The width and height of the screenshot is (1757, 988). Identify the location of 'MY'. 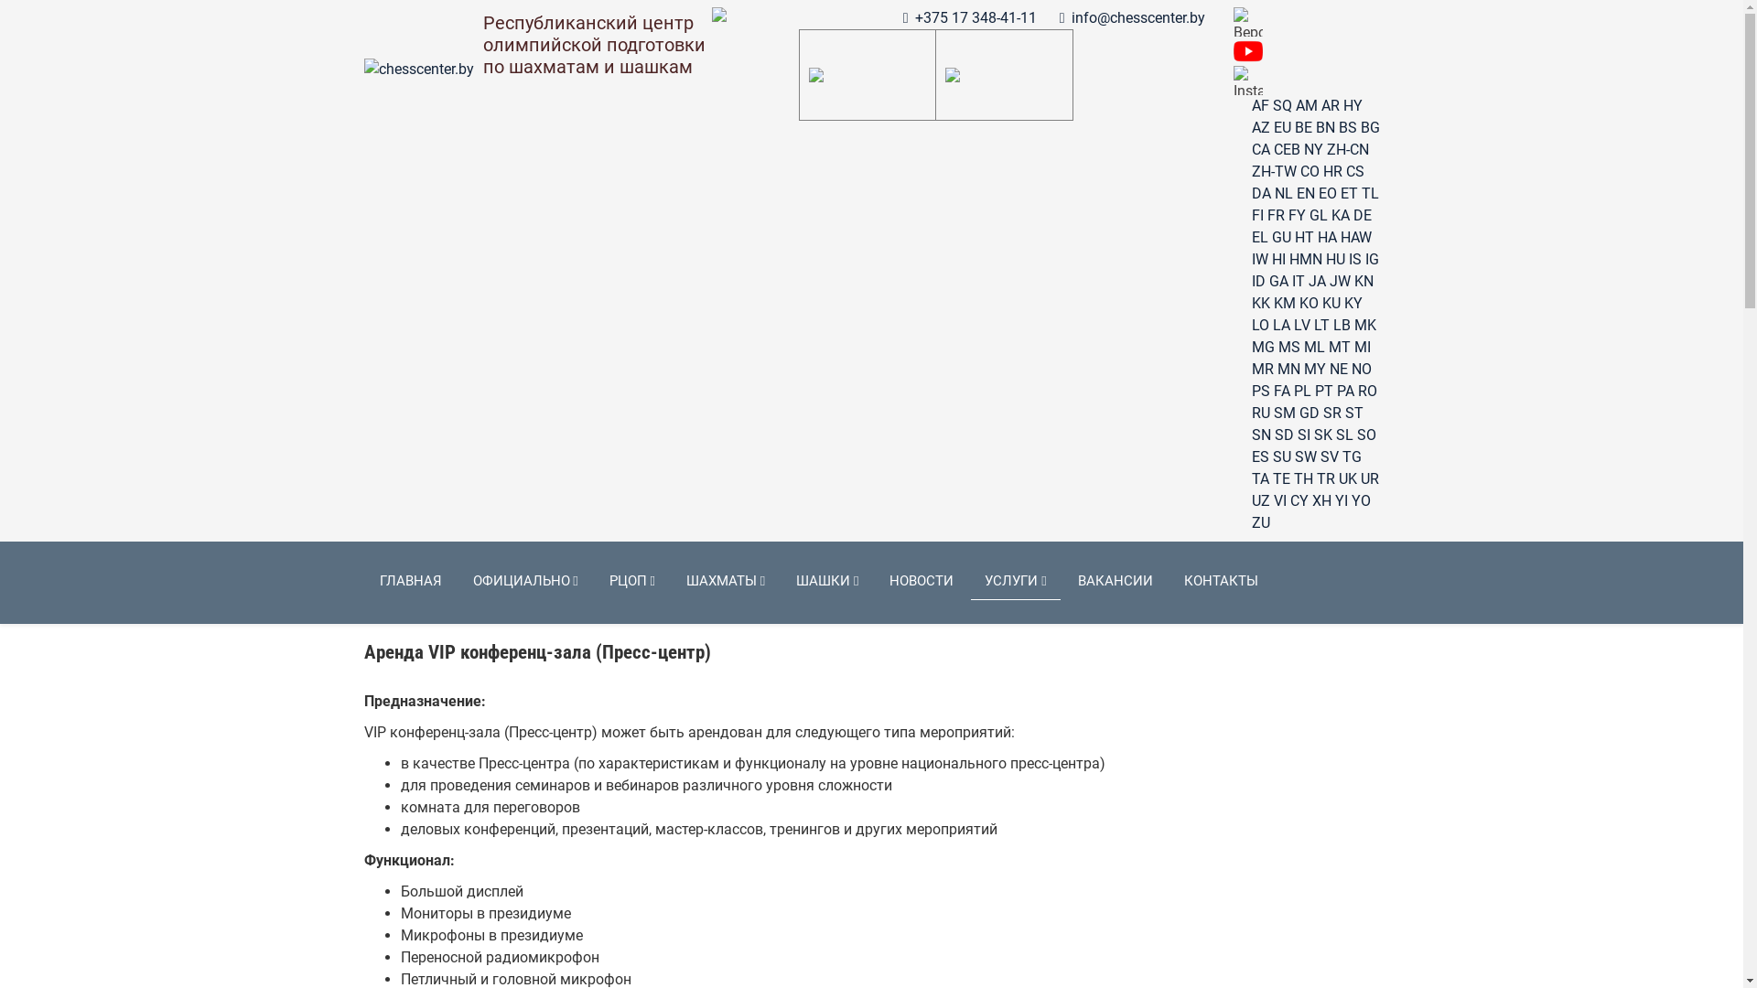
(1312, 369).